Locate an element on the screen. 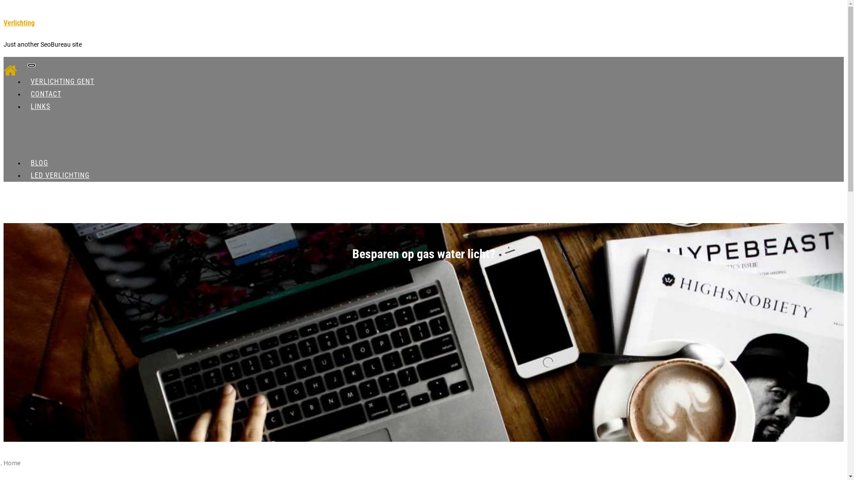  'LINKS' is located at coordinates (40, 106).